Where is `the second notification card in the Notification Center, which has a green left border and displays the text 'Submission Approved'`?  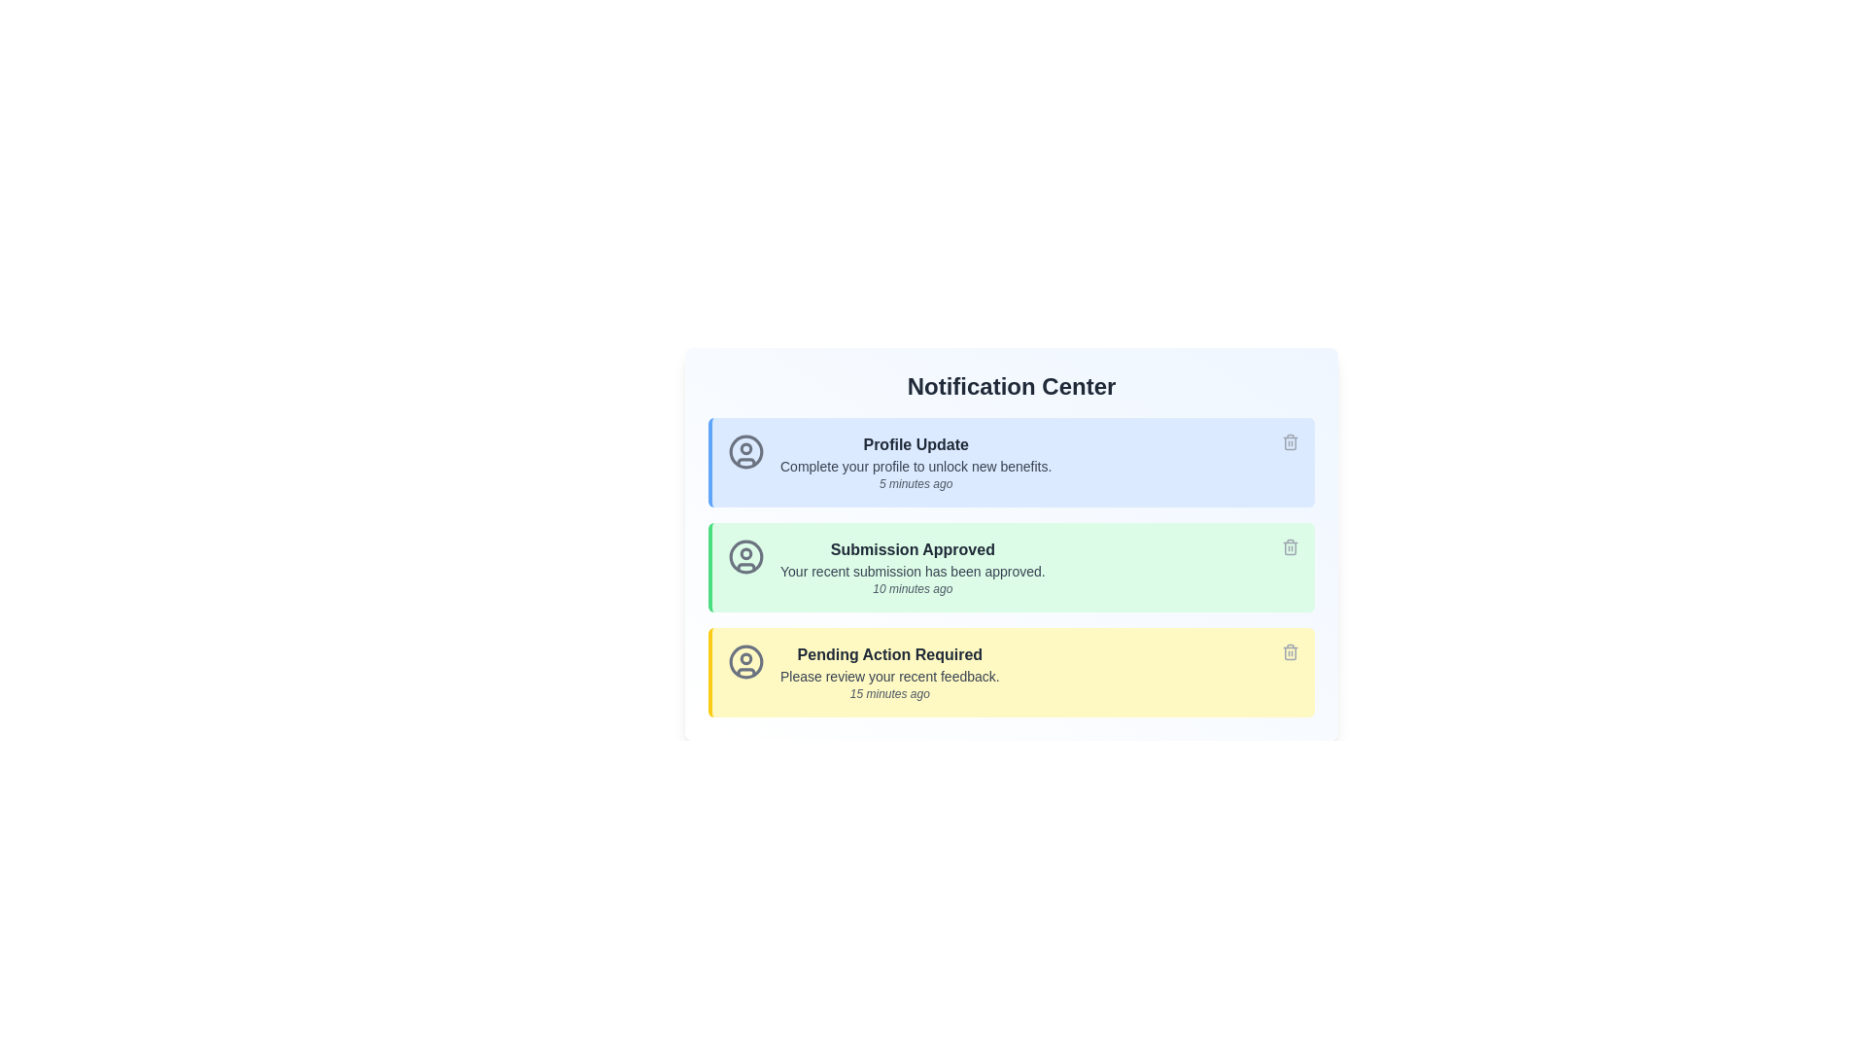 the second notification card in the Notification Center, which has a green left border and displays the text 'Submission Approved' is located at coordinates (1011, 567).